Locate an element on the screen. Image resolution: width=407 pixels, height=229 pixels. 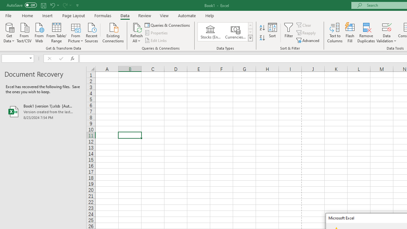
'Sort...' is located at coordinates (272, 33).